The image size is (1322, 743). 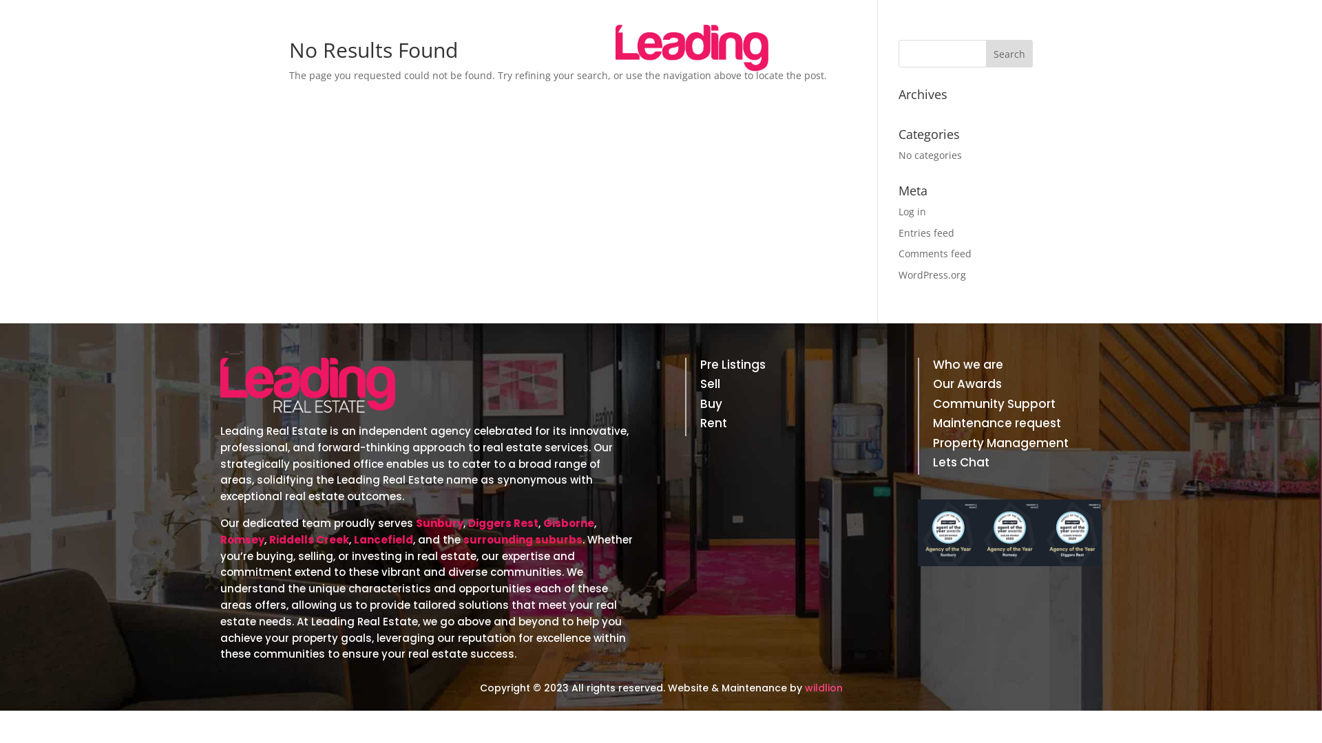 I want to click on 'Comments feed', so click(x=935, y=253).